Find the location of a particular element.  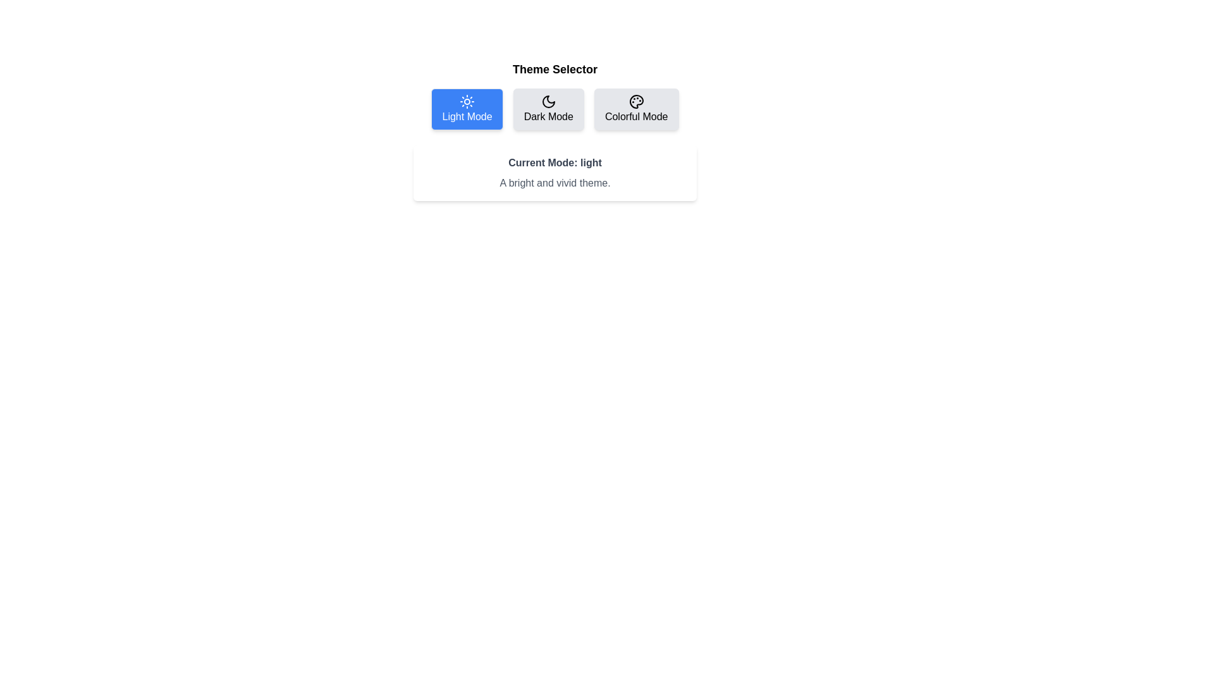

the text label that displays the current theme mode of the application, located above the text block that reads 'A bright and vivid theme.' is located at coordinates (555, 163).